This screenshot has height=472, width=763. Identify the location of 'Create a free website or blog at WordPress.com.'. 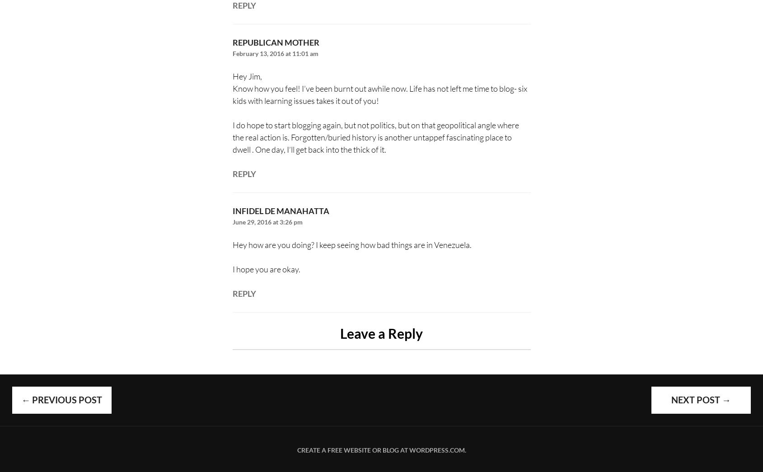
(380, 450).